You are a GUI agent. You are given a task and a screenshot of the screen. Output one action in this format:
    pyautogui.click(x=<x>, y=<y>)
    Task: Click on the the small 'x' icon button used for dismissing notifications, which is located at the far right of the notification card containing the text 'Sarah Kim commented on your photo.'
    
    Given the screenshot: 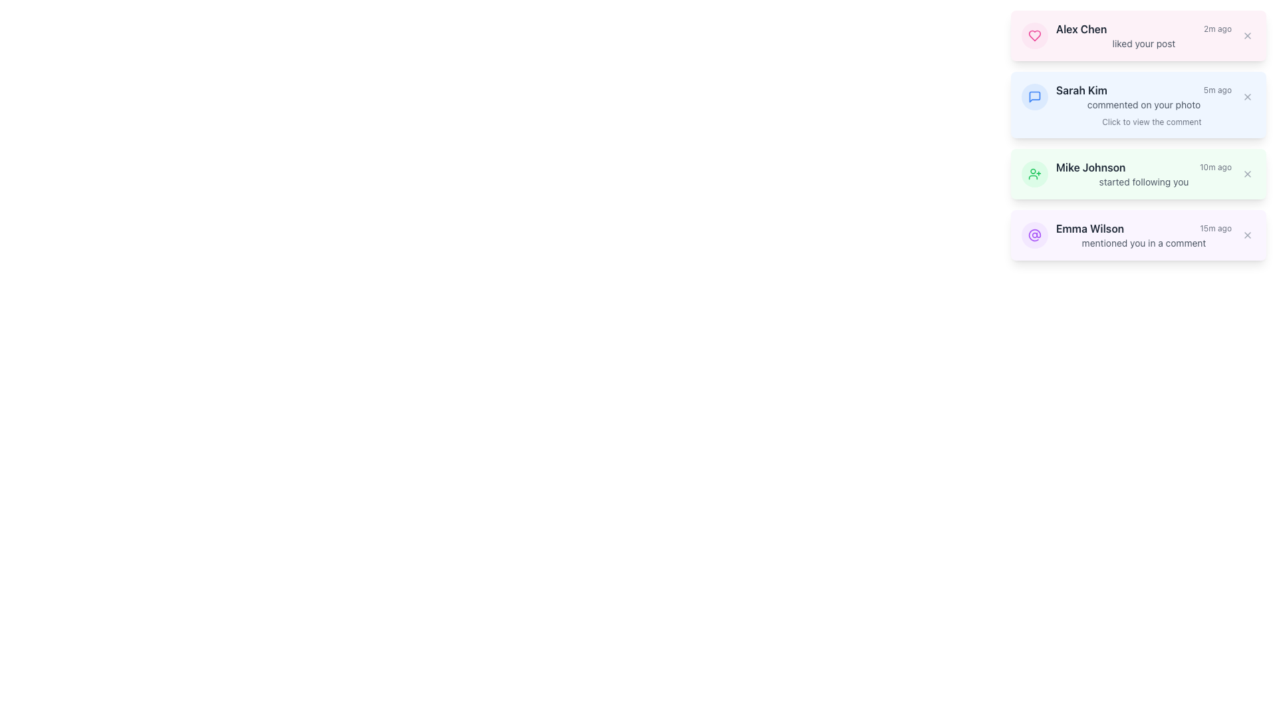 What is the action you would take?
    pyautogui.click(x=1247, y=96)
    